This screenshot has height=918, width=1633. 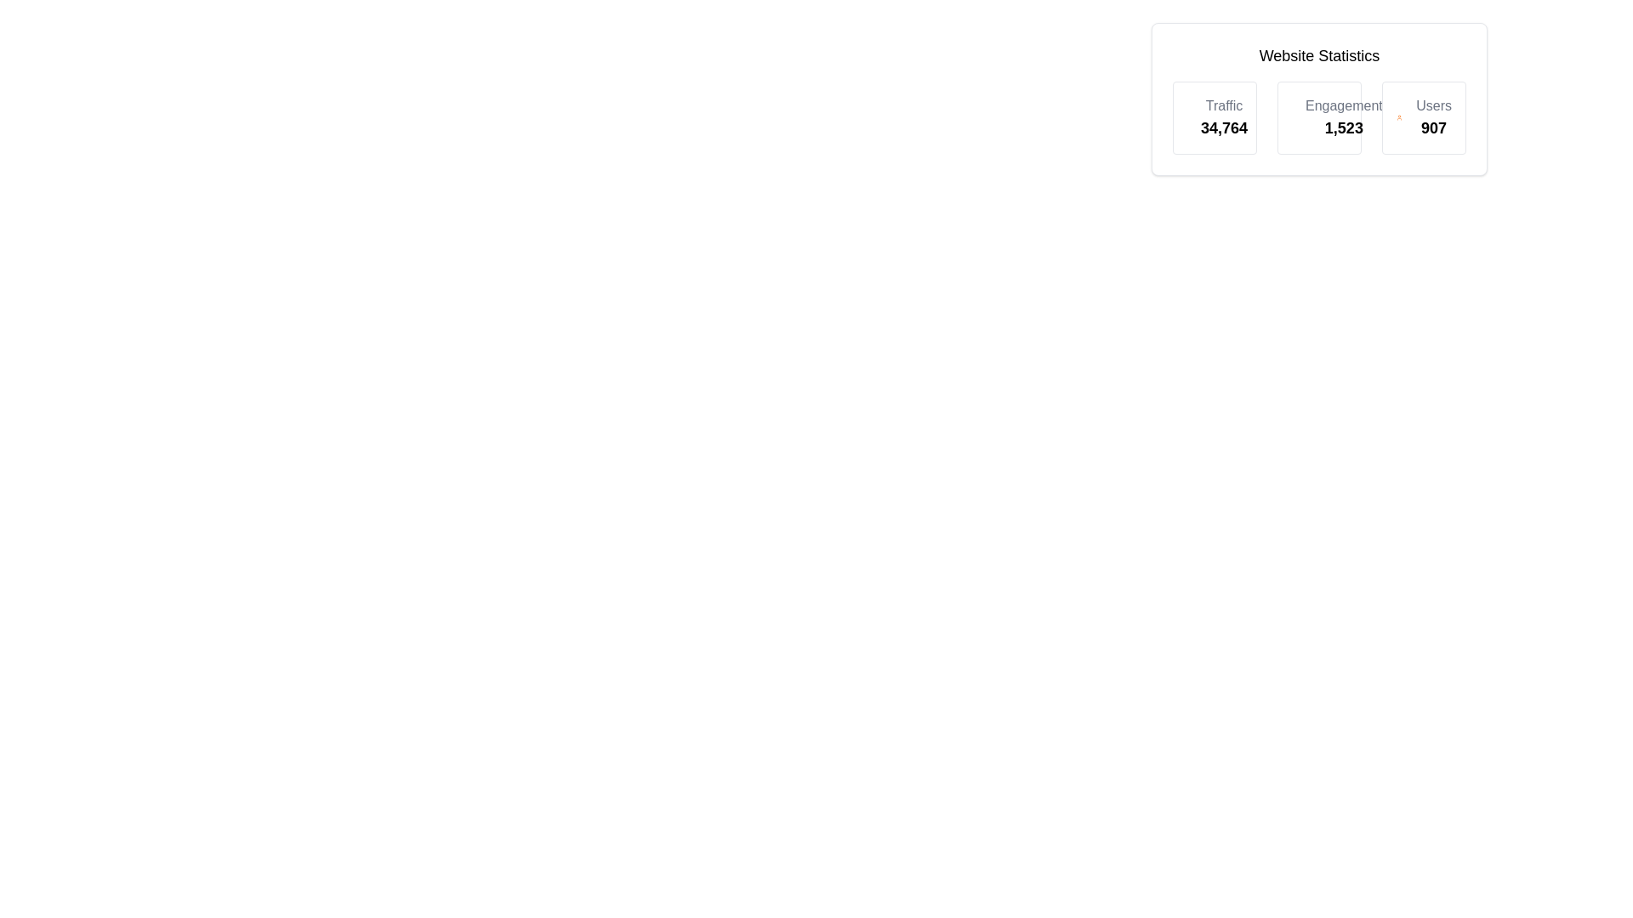 What do you see at coordinates (1223, 127) in the screenshot?
I see `the bold text '34,764' that is emphasized below the 'Traffic' label in the leftmost panel` at bounding box center [1223, 127].